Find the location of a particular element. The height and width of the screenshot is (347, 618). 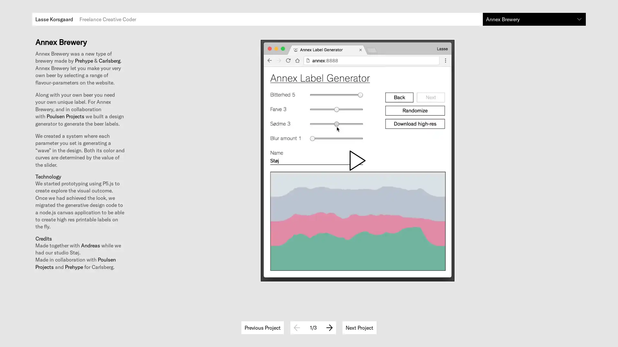

Previous Image is located at coordinates (296, 327).